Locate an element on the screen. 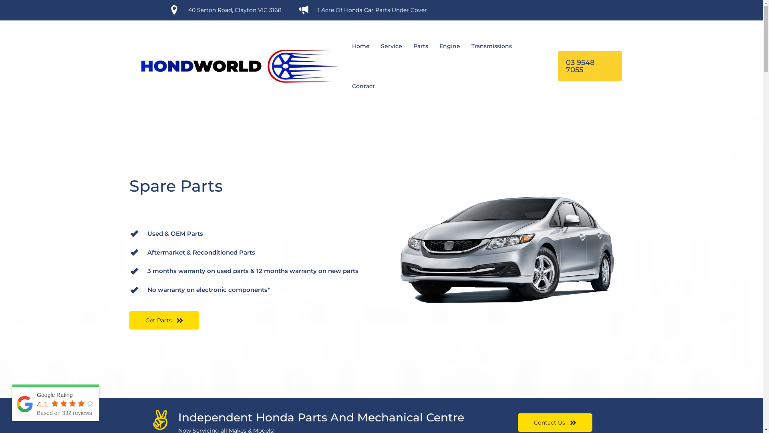 The image size is (769, 433). 'Home' is located at coordinates (346, 46).